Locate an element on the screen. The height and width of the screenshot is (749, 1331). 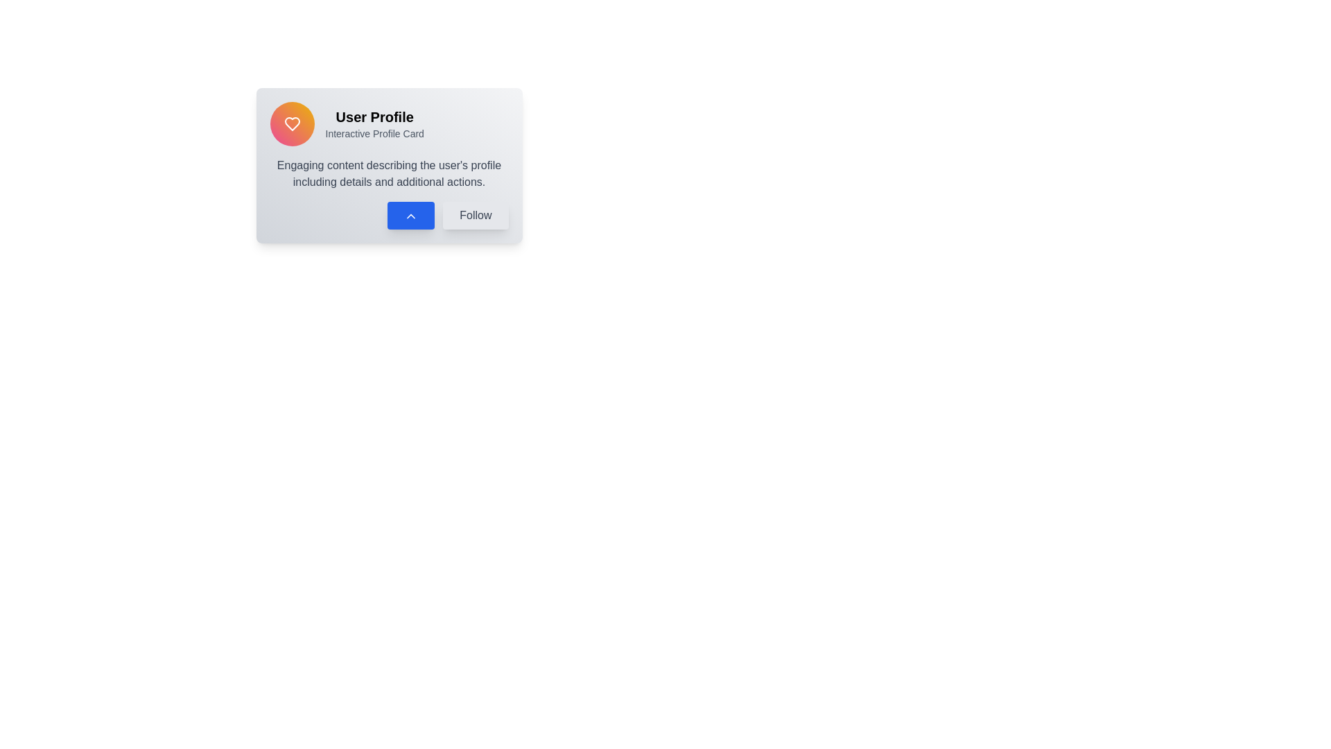
the heart-shaped icon filled with a gradient transitioning from red to orange, located at the top-left section of the user profile card, adjacent to the profile name and description text is located at coordinates (291, 123).